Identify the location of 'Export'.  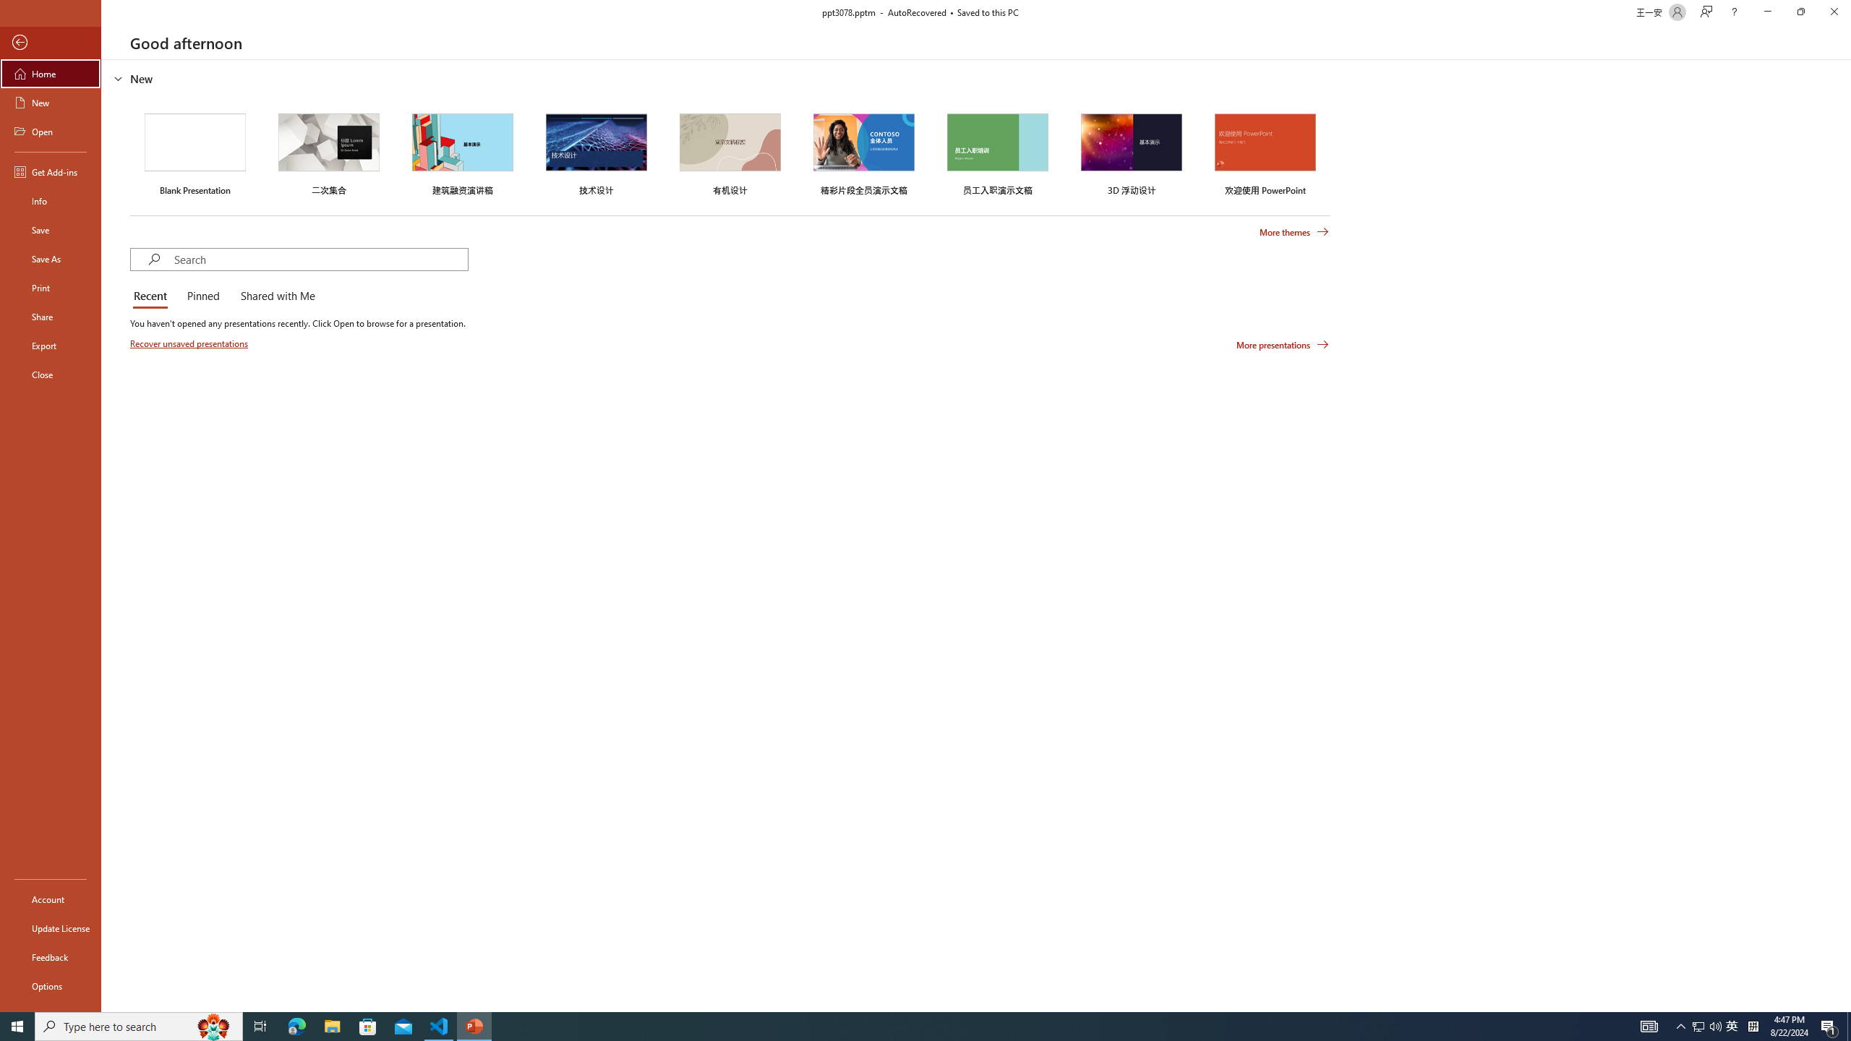
(50, 346).